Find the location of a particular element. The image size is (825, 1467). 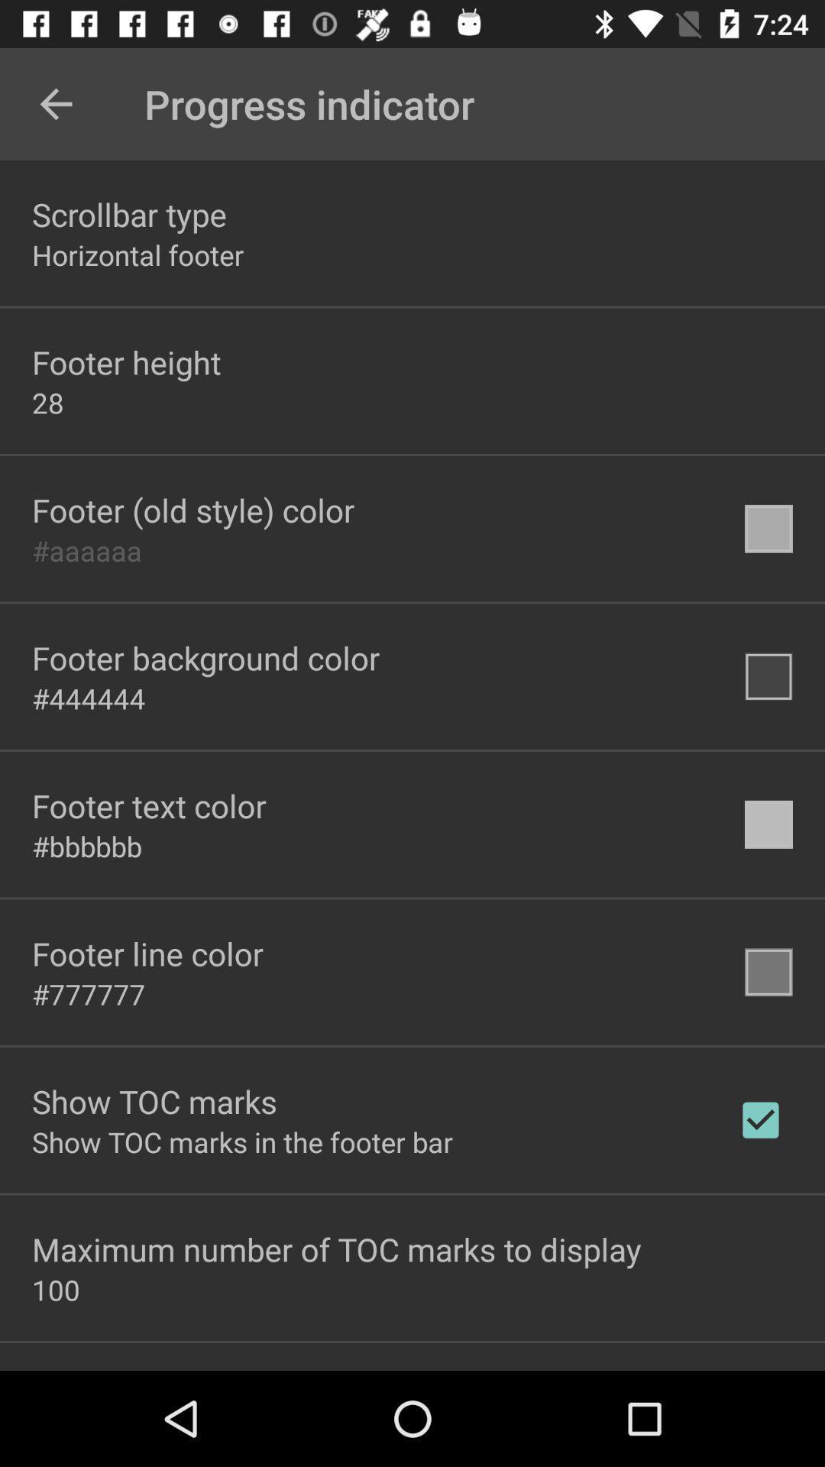

28 icon is located at coordinates (47, 403).